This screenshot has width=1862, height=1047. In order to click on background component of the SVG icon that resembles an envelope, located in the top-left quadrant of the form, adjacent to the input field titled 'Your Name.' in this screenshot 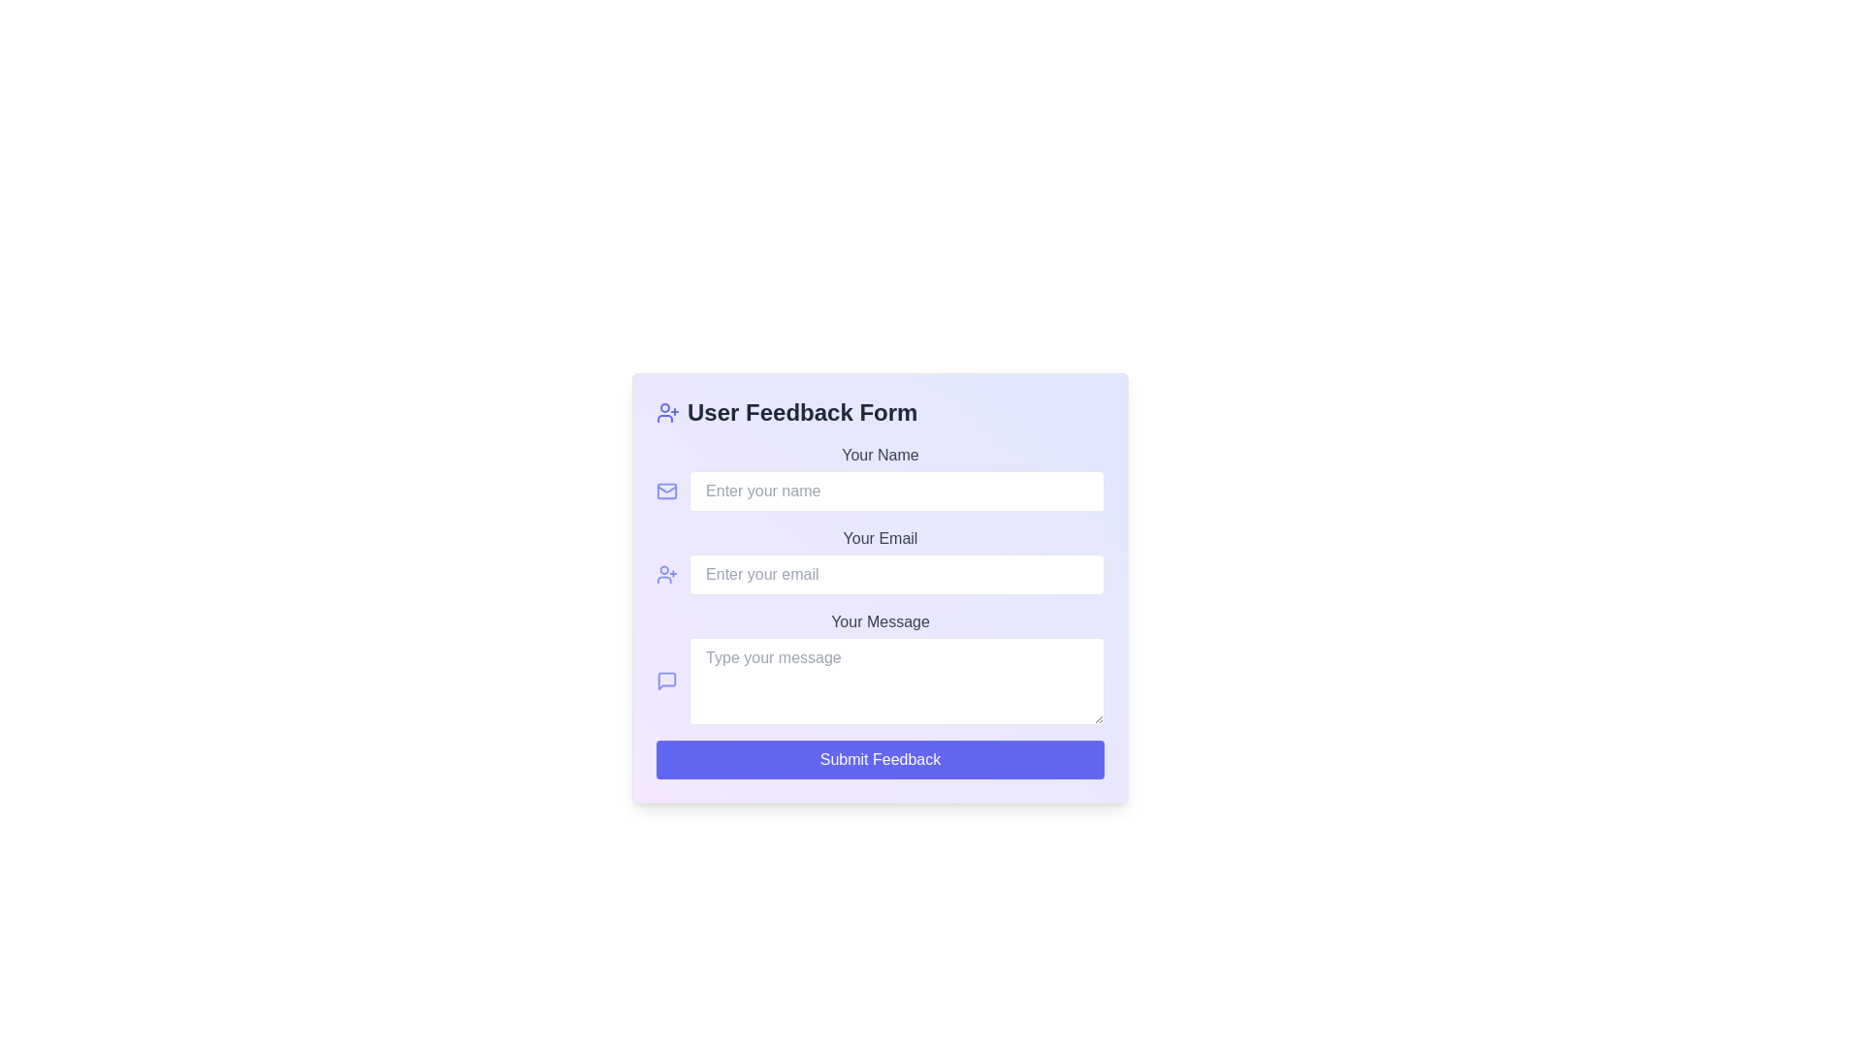, I will do `click(667, 490)`.